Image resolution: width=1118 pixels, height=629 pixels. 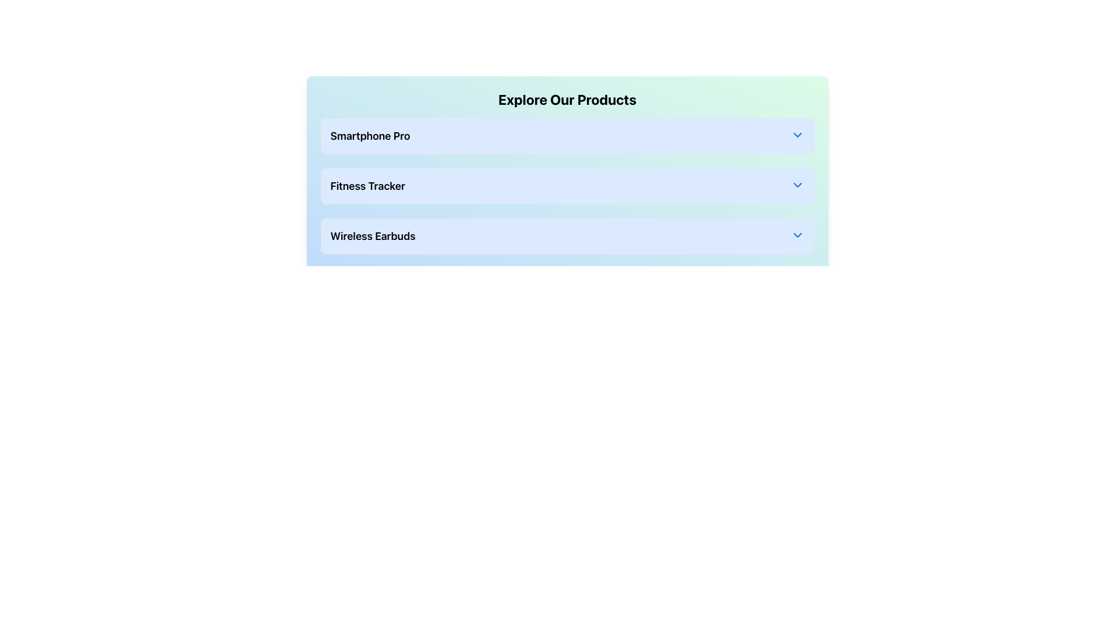 I want to click on the 'Fitness Tracker' interactive button with dropdown capability, so click(x=567, y=186).